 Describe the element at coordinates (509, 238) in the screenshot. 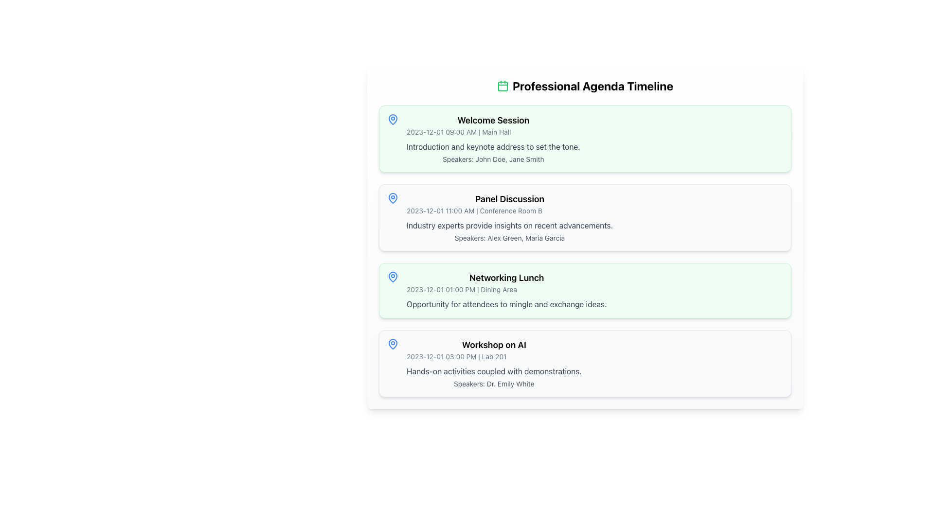

I see `the text 'Speakers: Alex Green, Maria Garcia' located at the bottom of the 'Panel Discussion' block for copying` at that location.